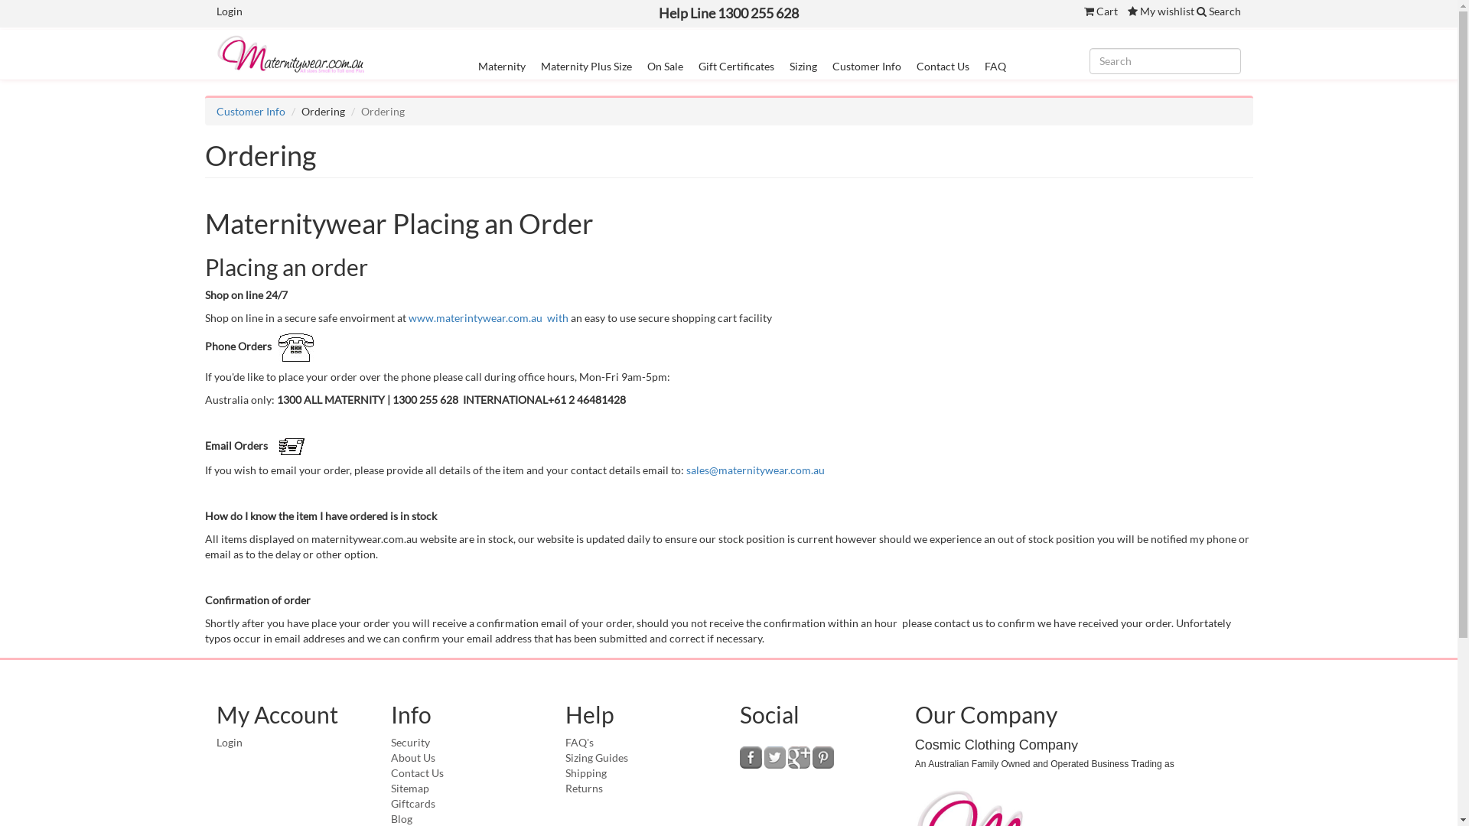  I want to click on 'Shipping', so click(585, 772).